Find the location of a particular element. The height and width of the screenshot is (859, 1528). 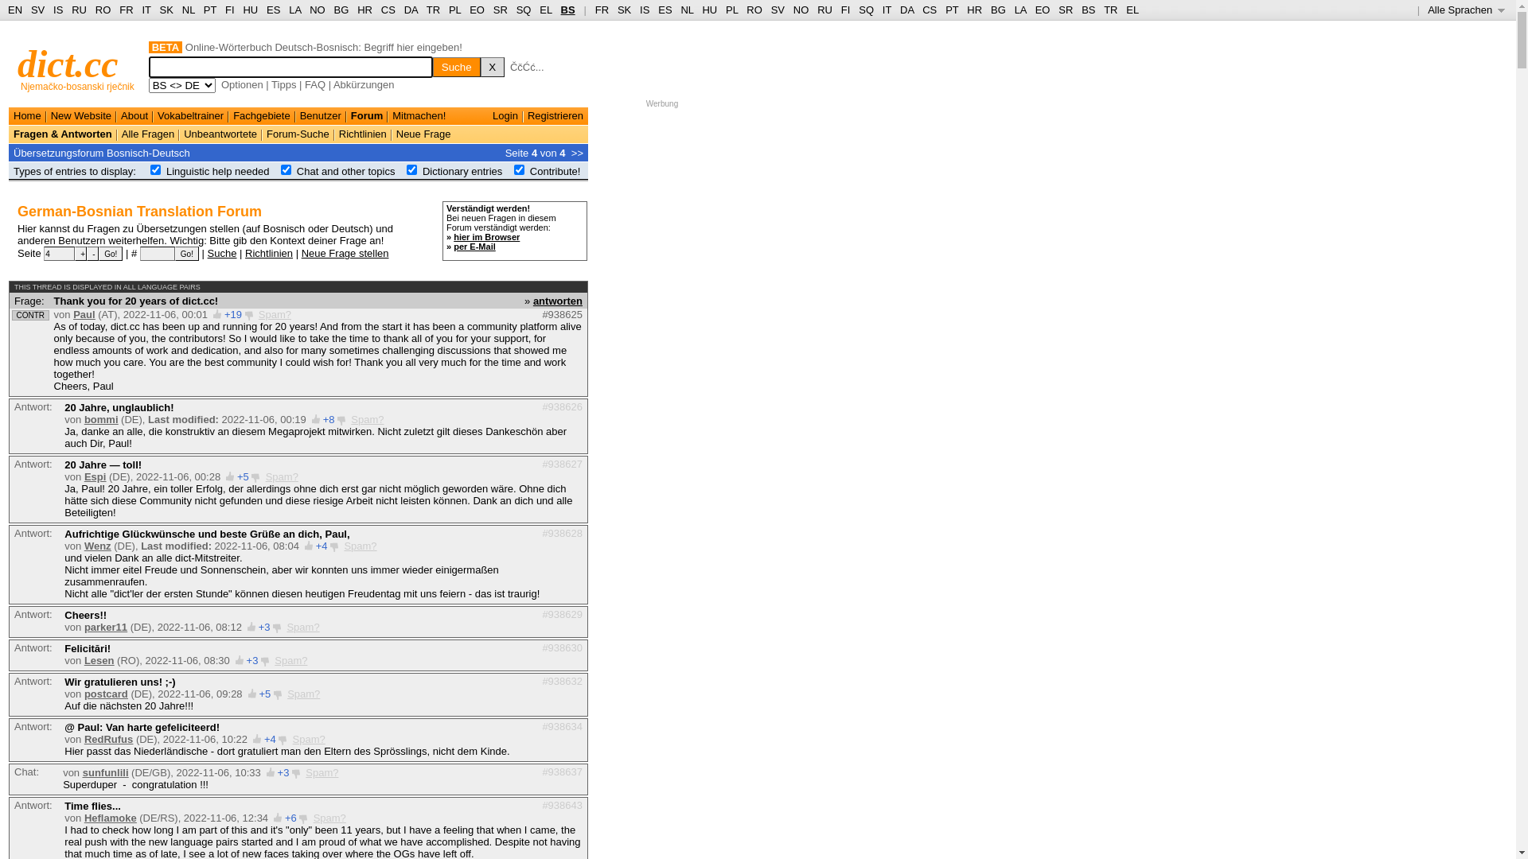

'NL' is located at coordinates (188, 10).